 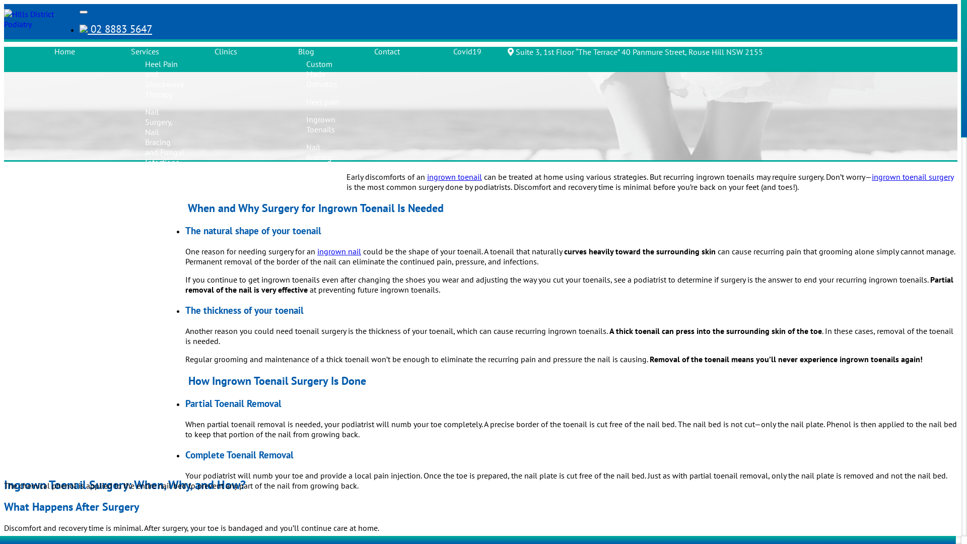 What do you see at coordinates (116, 28) in the screenshot?
I see `'02 8883 5647'` at bounding box center [116, 28].